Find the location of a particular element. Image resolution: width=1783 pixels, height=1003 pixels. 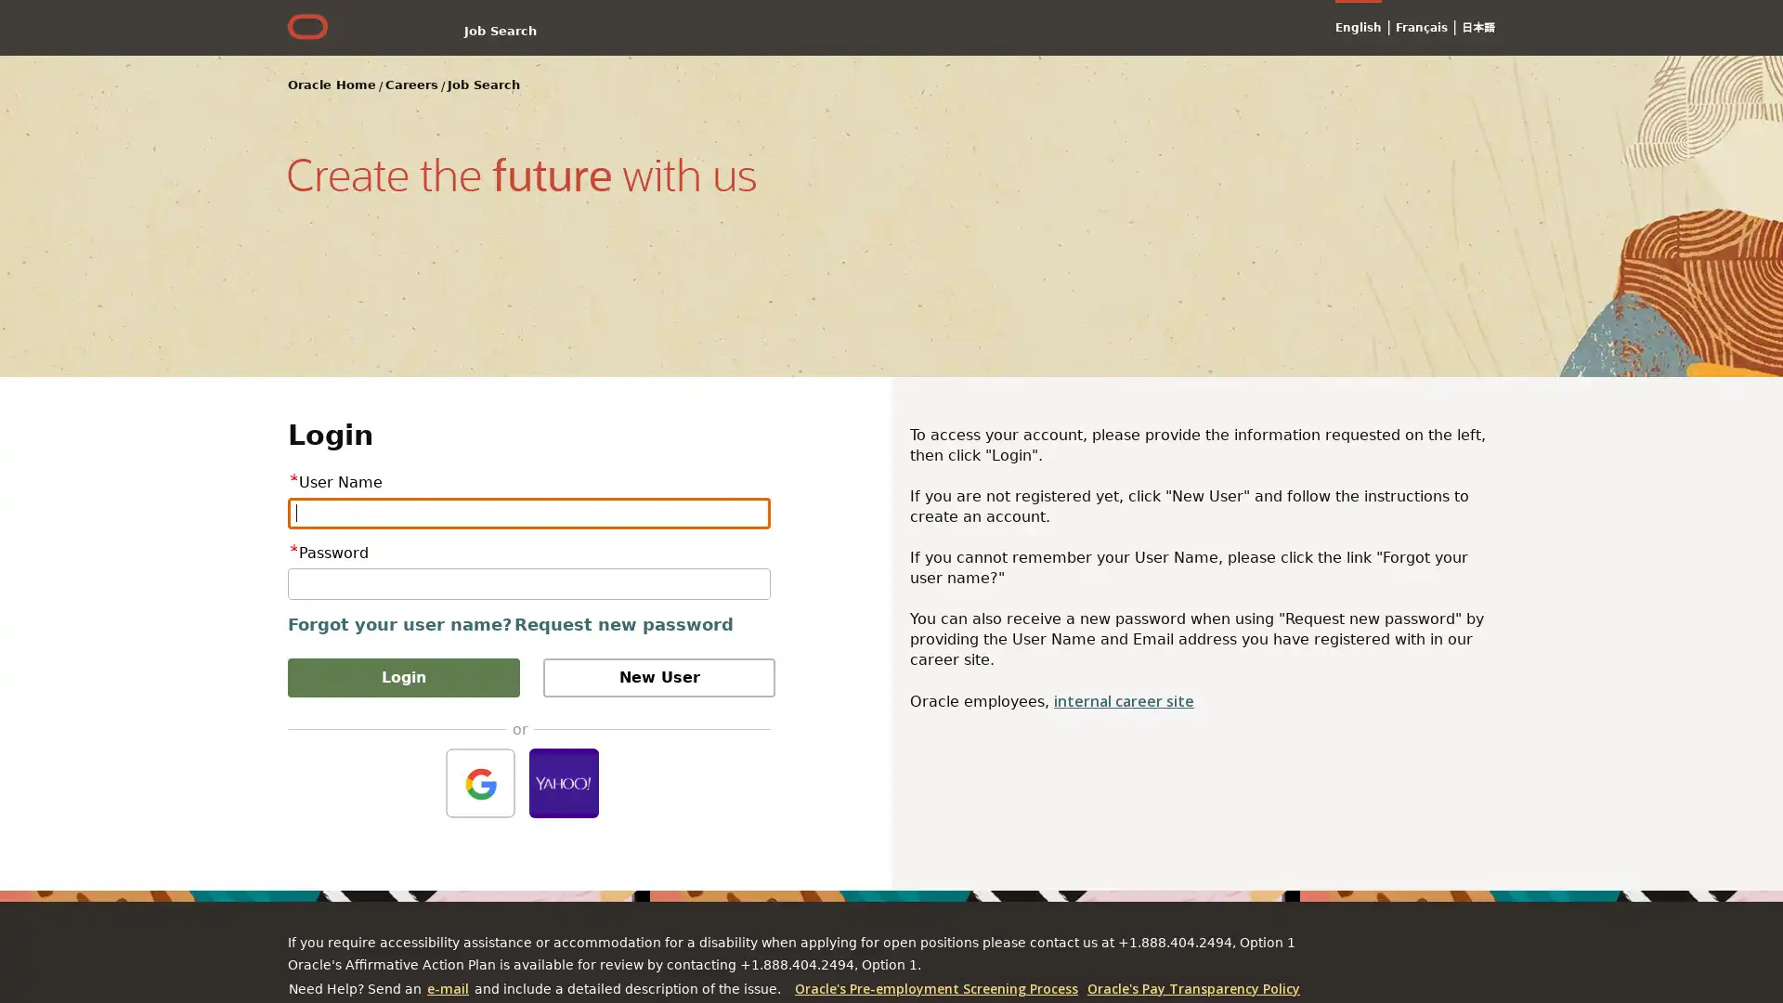

Login is located at coordinates (403, 677).